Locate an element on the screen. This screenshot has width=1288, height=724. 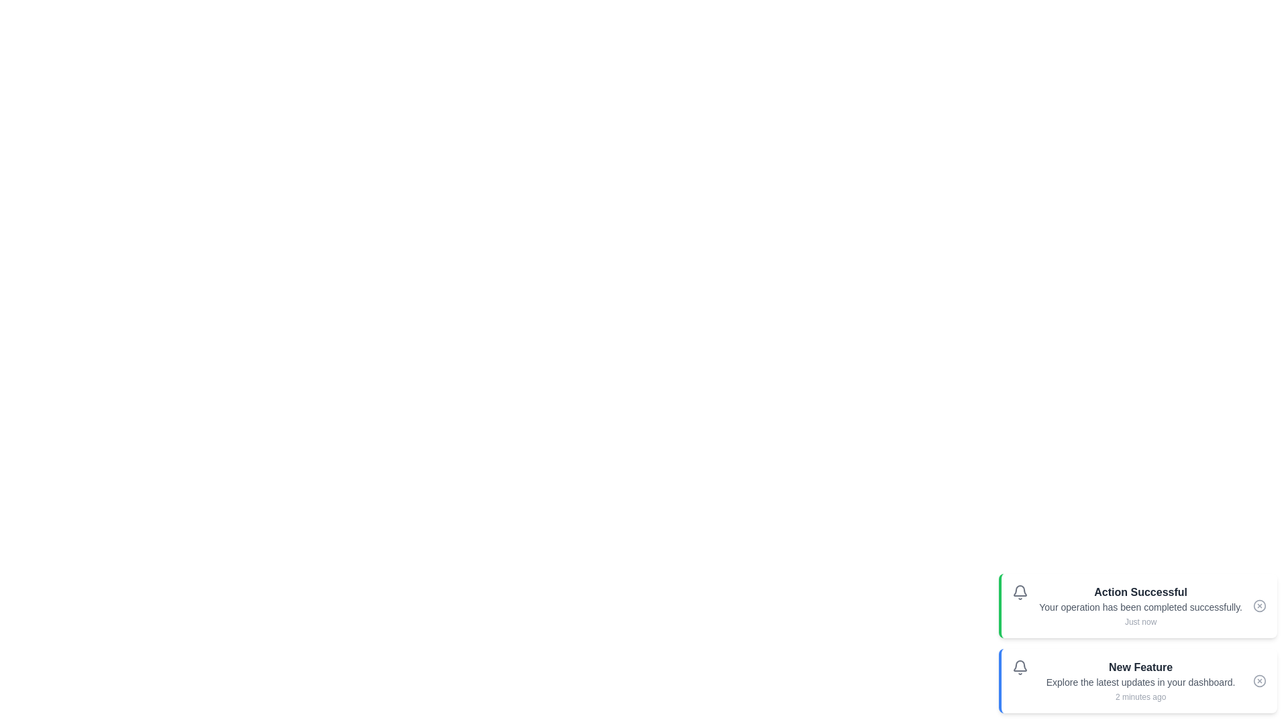
the gray circular button with an 'x' symbol, located on the right edge of the second notification item at the bottom of the interface is located at coordinates (1258, 680).